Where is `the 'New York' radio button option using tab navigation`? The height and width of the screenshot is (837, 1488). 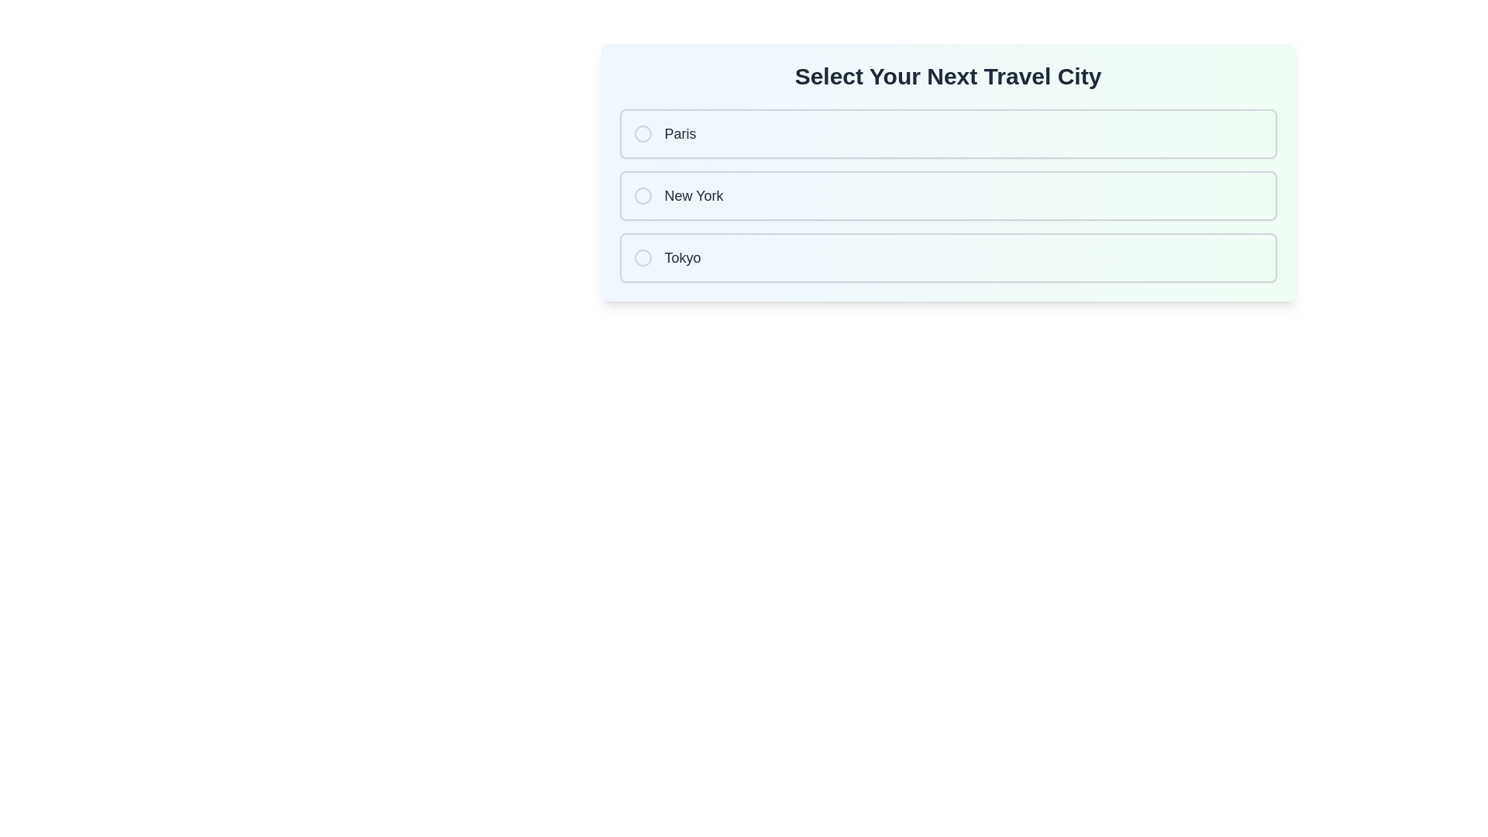
the 'New York' radio button option using tab navigation is located at coordinates (947, 195).